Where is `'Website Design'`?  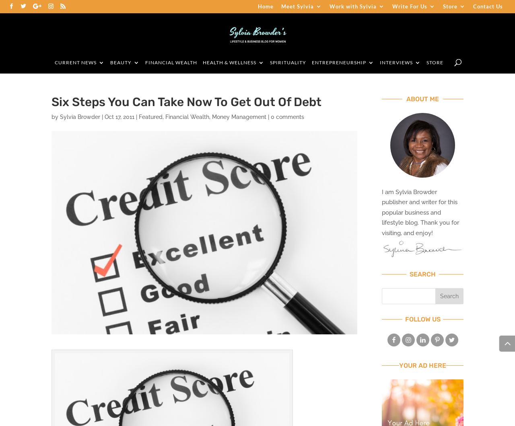 'Website Design' is located at coordinates (354, 83).